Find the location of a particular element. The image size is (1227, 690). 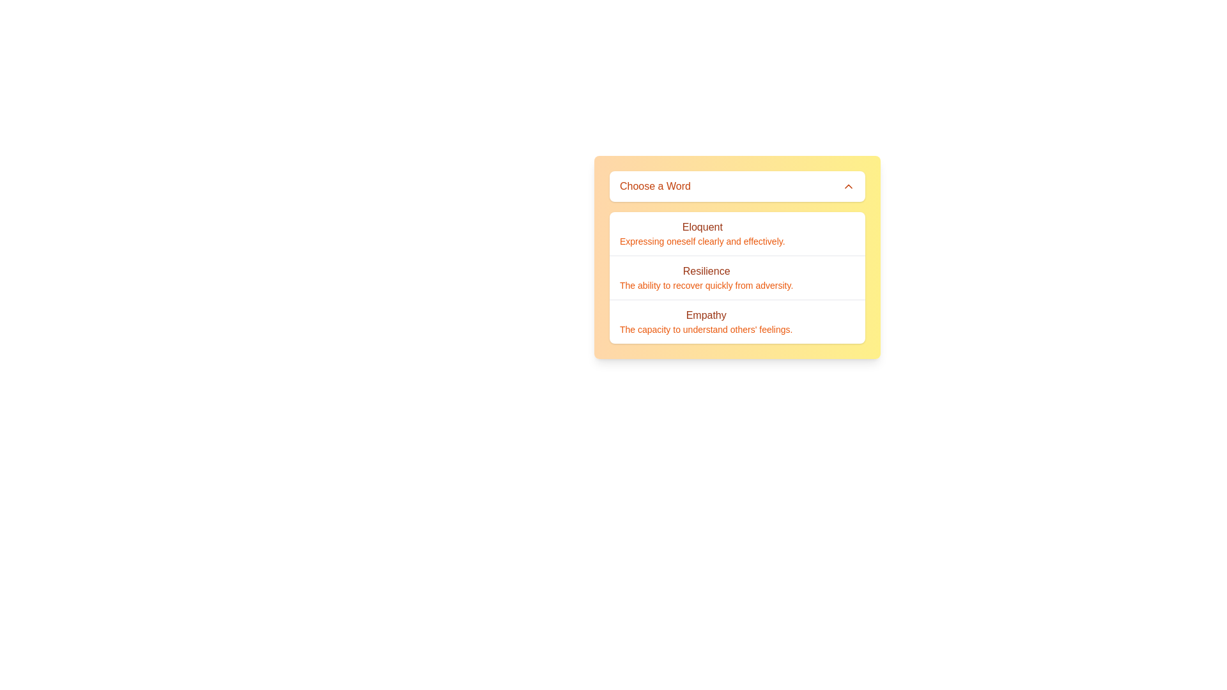

the text label displaying 'Eloquent' is located at coordinates (702, 226).